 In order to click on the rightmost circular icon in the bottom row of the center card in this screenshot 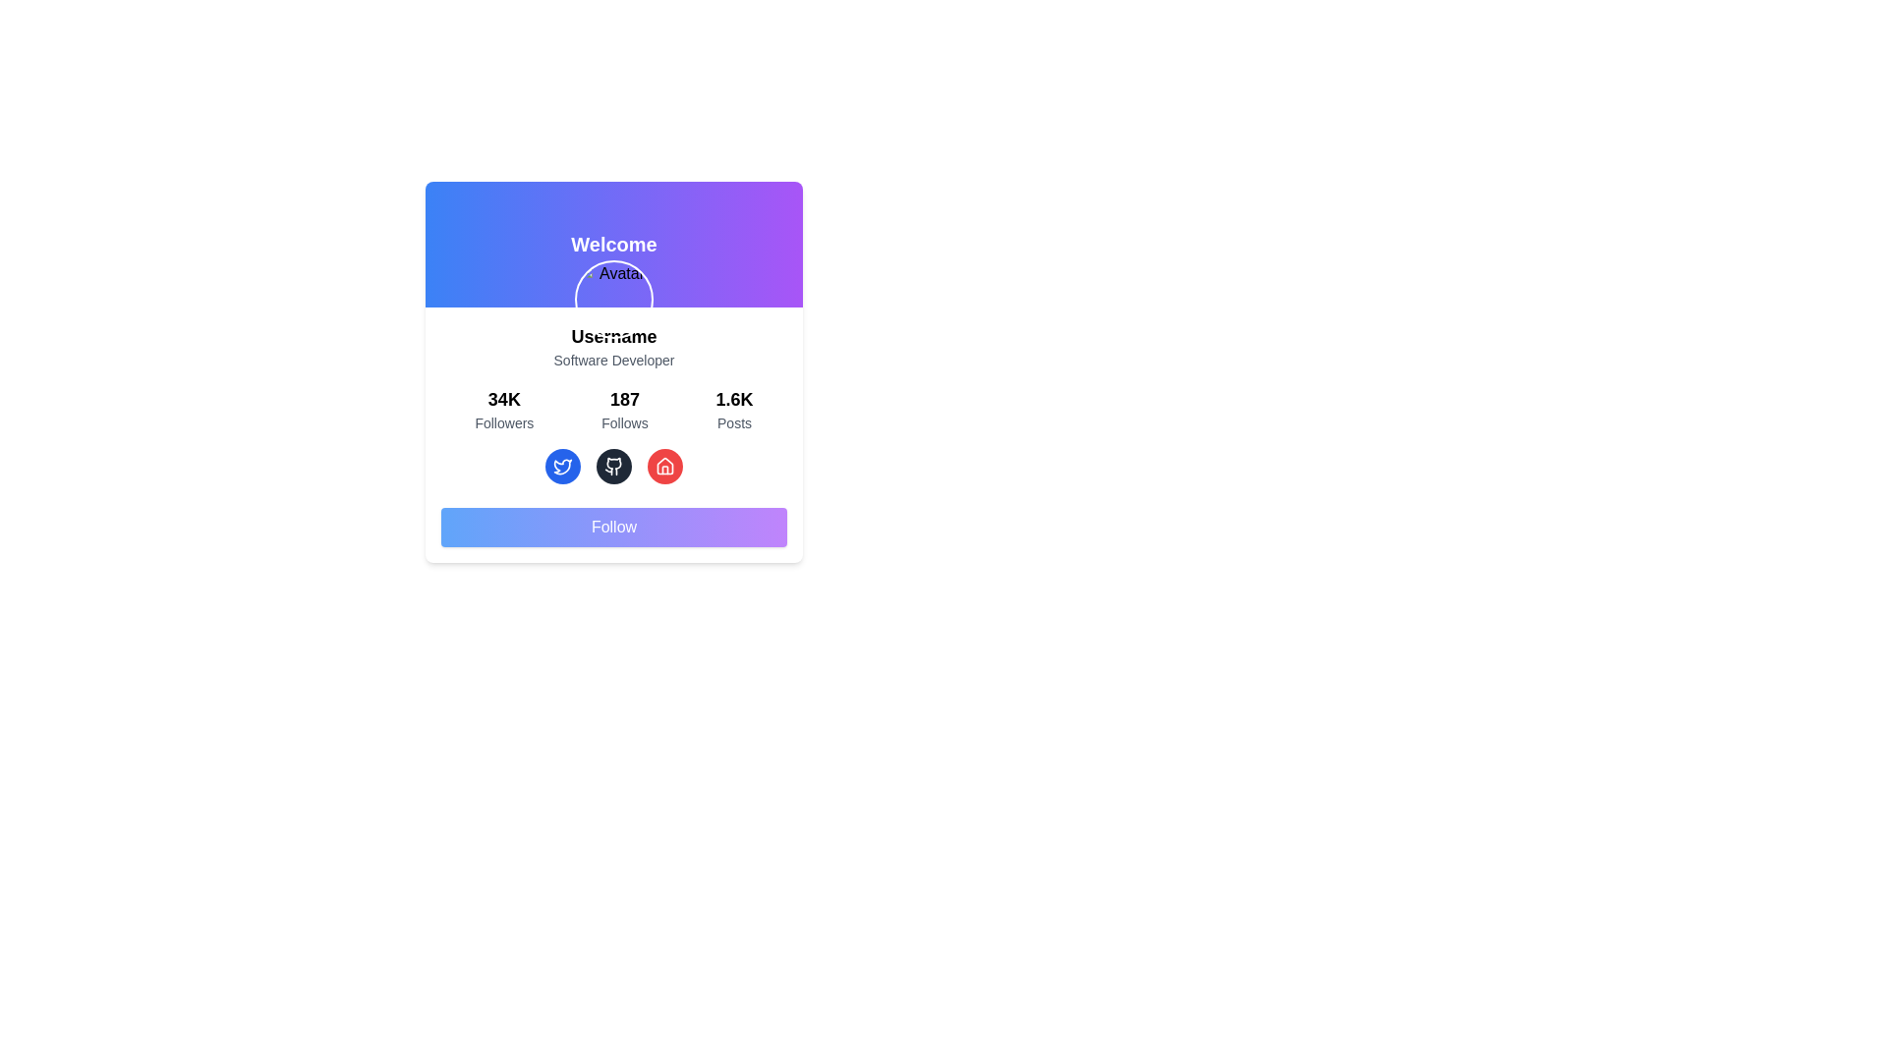, I will do `click(664, 466)`.